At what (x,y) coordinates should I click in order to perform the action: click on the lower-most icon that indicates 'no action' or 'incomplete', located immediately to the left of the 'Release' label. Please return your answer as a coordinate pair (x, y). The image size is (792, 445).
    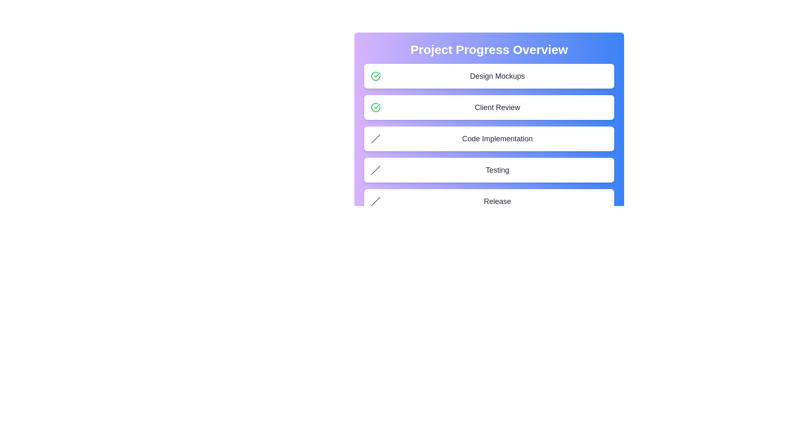
    Looking at the image, I should click on (375, 201).